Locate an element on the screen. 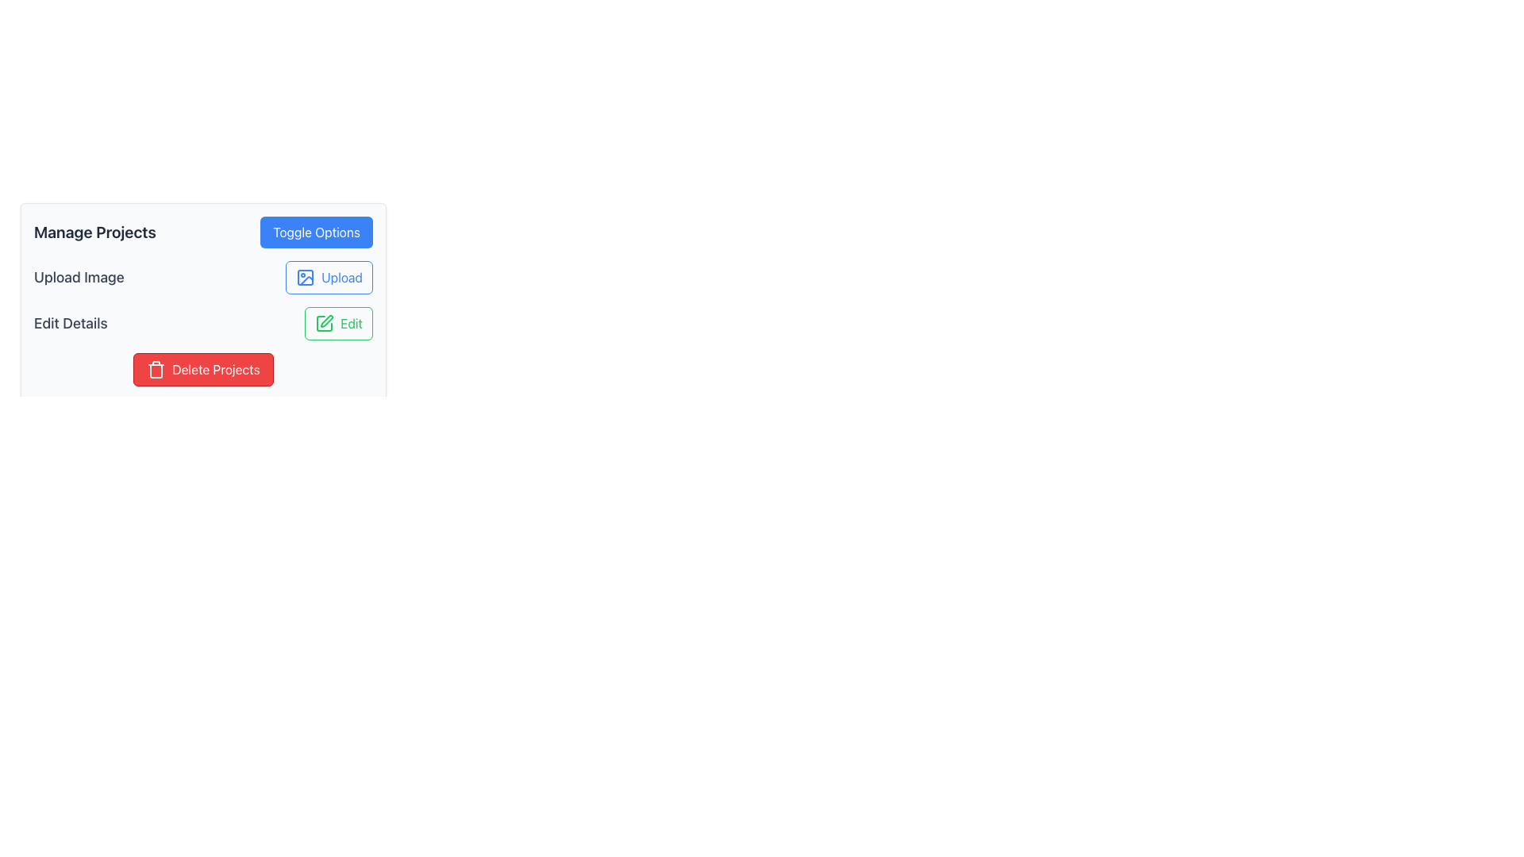 The image size is (1524, 857). the 'Edit' icon, which is a square with a pen and styled with a green outline, located in the 'Edit Details' section to the right of the 'Upload' button is located at coordinates (324, 323).